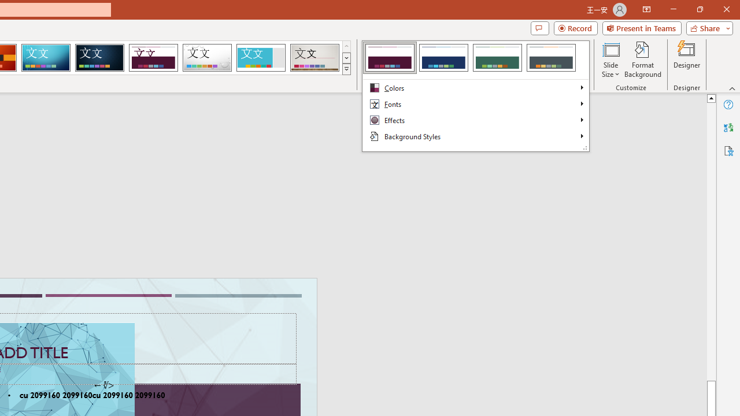 Image resolution: width=740 pixels, height=416 pixels. Describe the element at coordinates (99, 58) in the screenshot. I see `'Damask'` at that location.